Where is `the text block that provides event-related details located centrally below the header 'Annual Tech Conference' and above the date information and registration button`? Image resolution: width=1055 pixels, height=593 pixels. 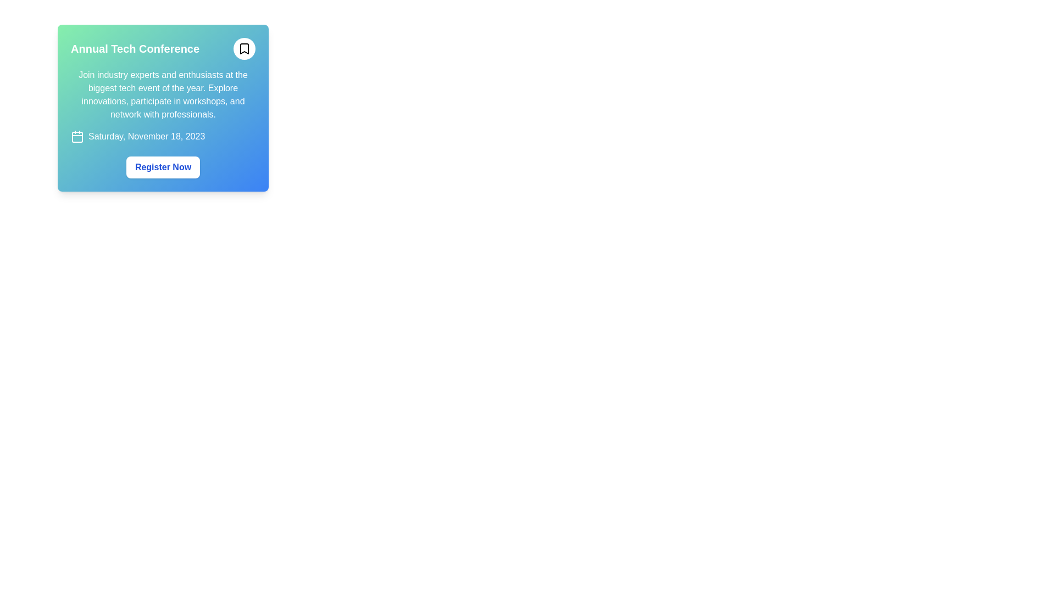
the text block that provides event-related details located centrally below the header 'Annual Tech Conference' and above the date information and registration button is located at coordinates (163, 94).